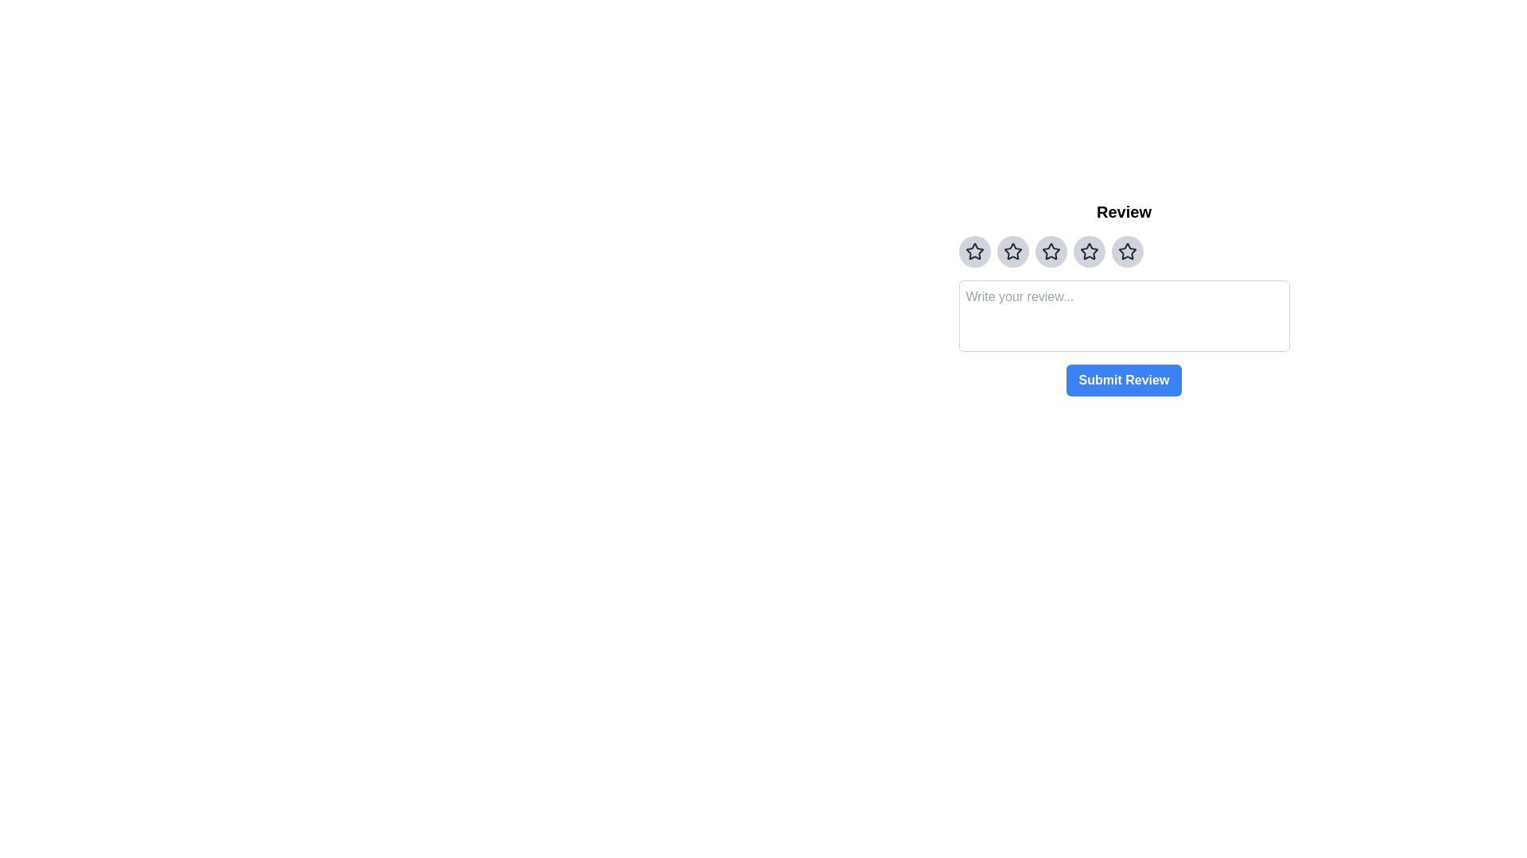 The image size is (1527, 858). Describe the element at coordinates (973, 250) in the screenshot. I see `the first star icon used for rating, located near the 'Review' label` at that location.